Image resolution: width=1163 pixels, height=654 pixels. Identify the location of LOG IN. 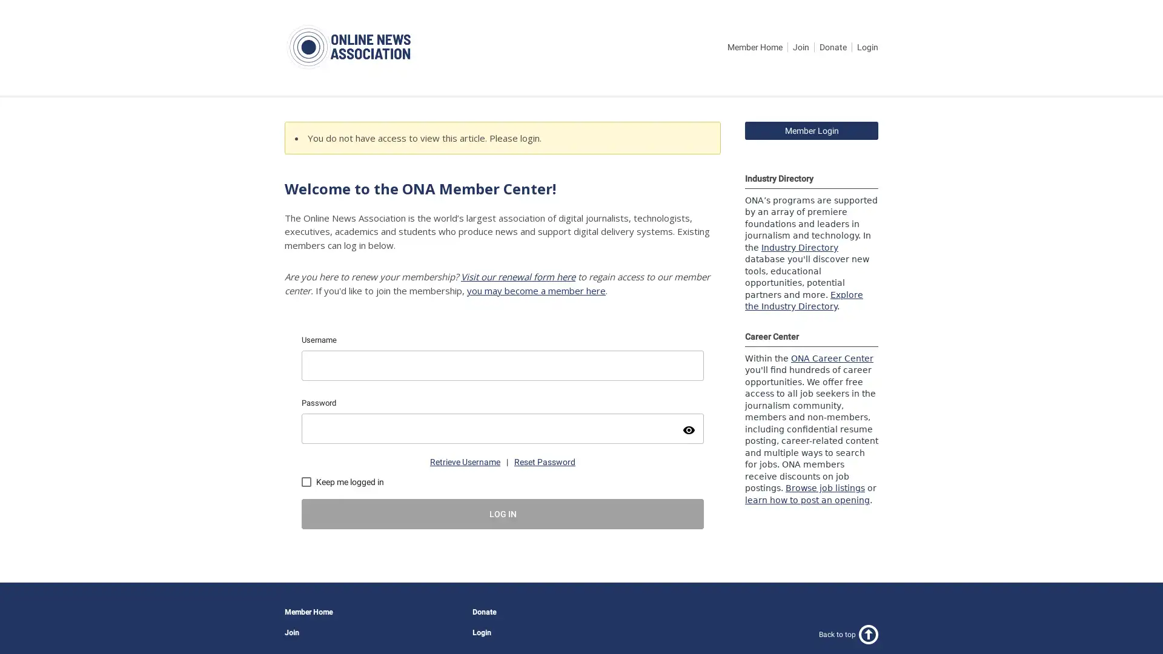
(503, 514).